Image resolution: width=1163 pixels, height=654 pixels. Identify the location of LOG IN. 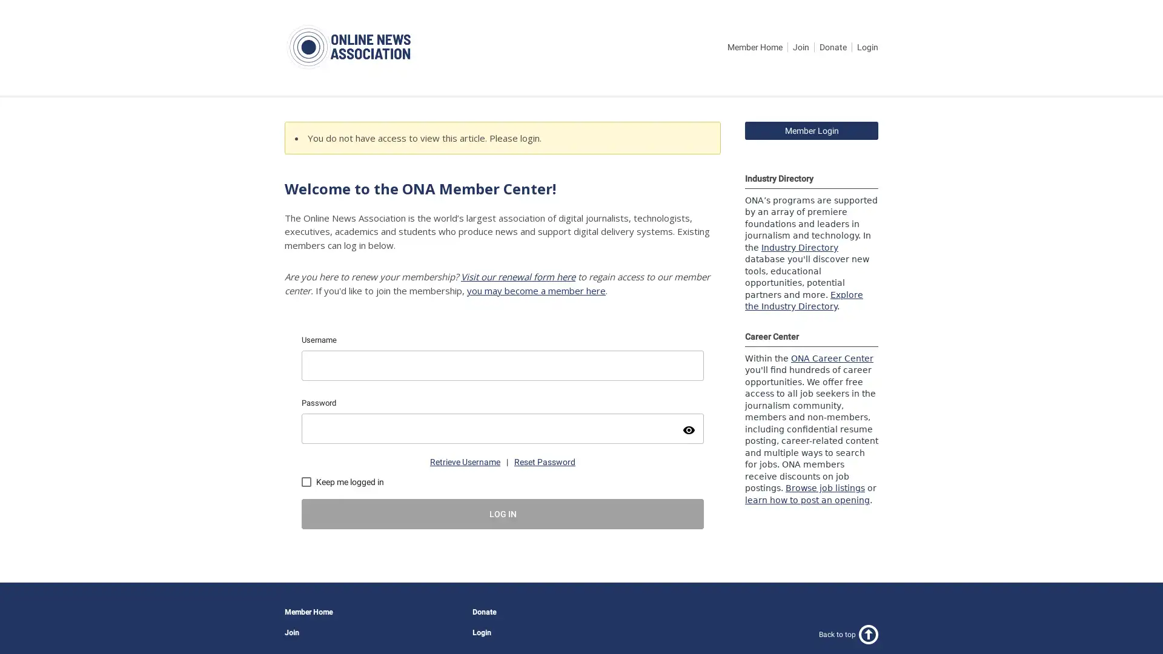
(503, 514).